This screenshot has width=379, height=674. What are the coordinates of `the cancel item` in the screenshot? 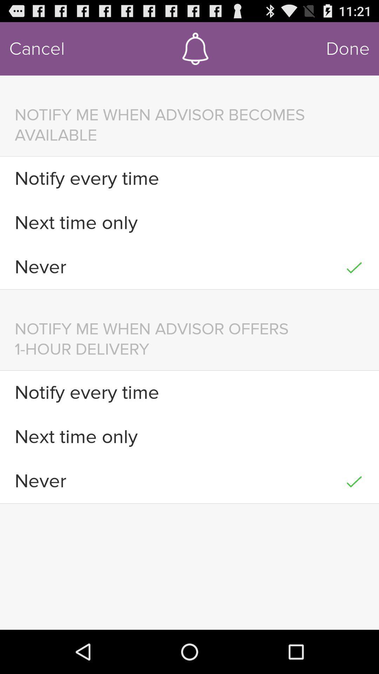 It's located at (37, 48).